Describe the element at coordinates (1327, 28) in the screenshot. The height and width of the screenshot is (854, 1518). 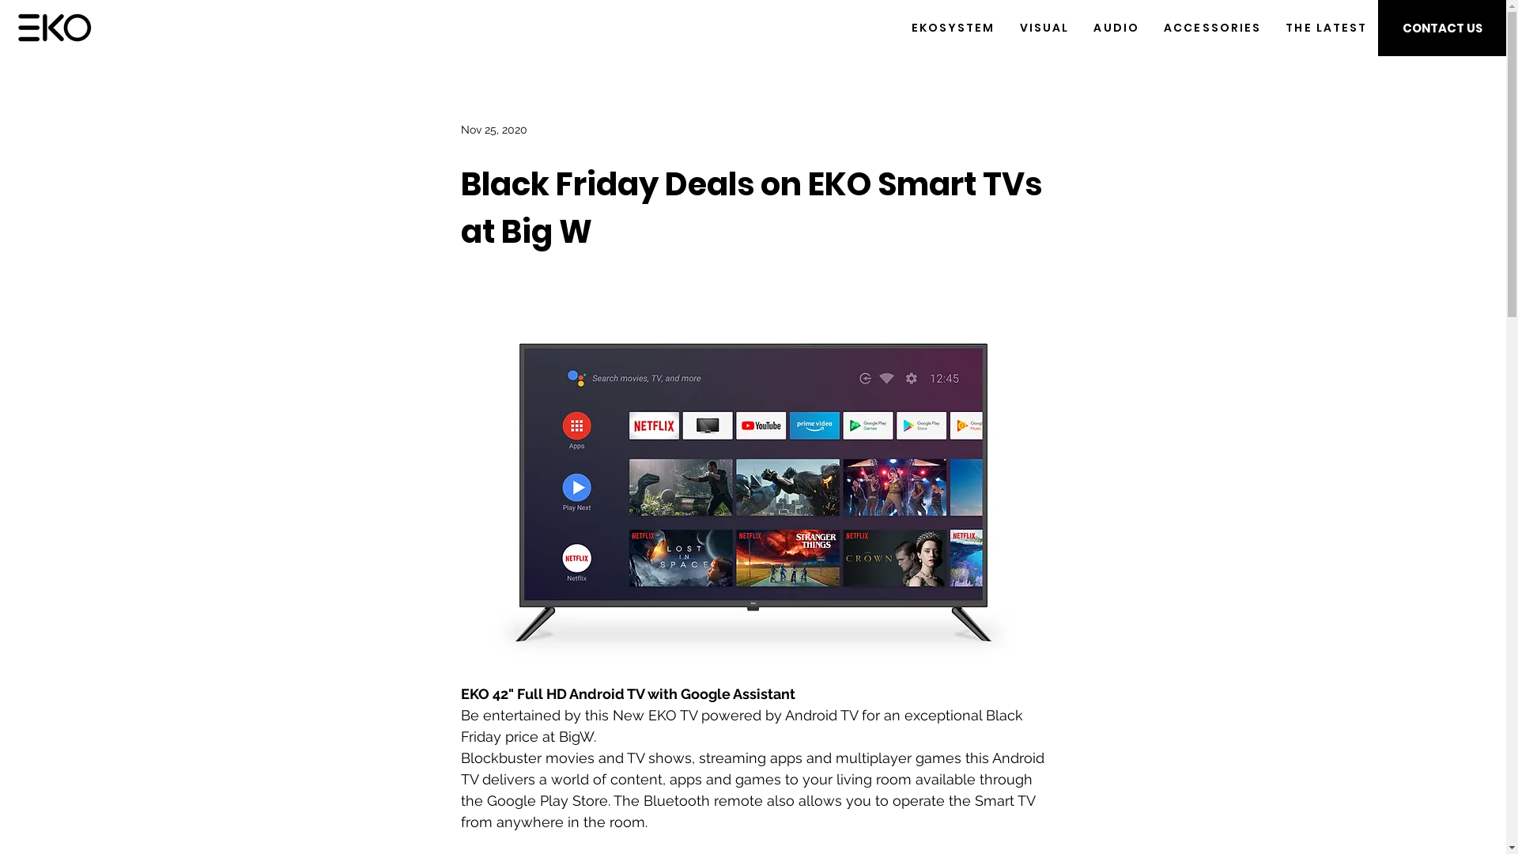
I see `'THE LATEST'` at that location.